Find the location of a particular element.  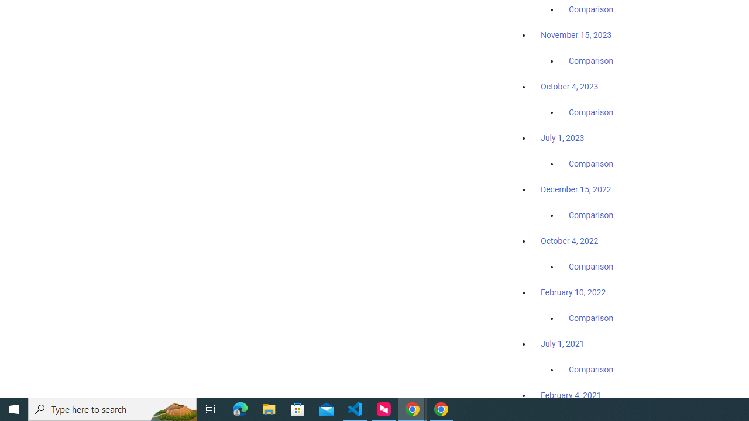

'November 15, 2023' is located at coordinates (576, 34).